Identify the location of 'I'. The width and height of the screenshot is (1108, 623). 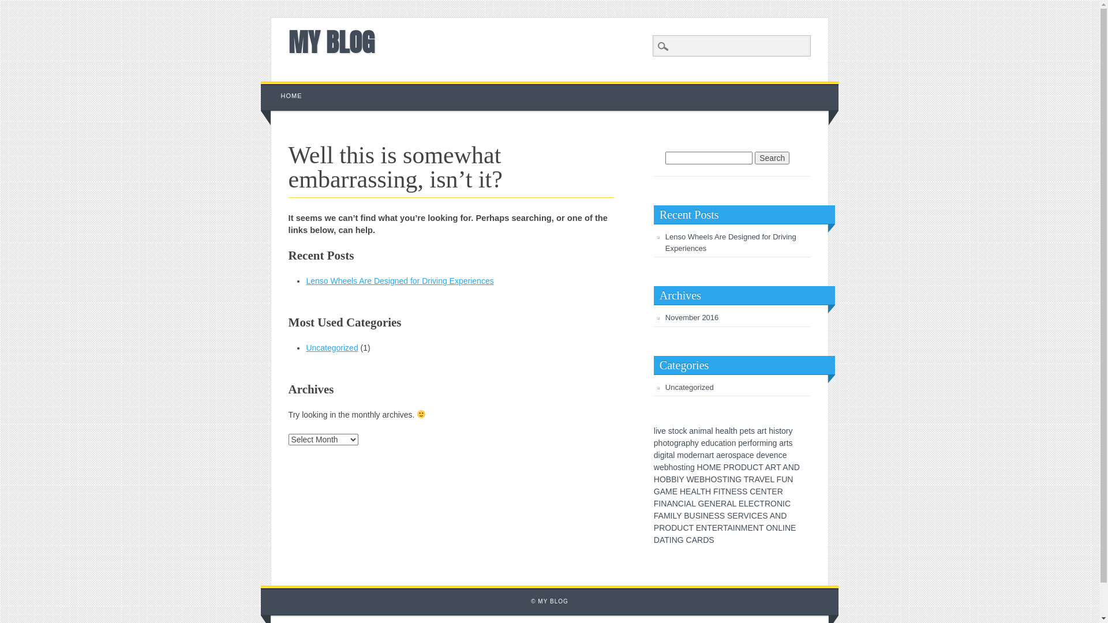
(784, 502).